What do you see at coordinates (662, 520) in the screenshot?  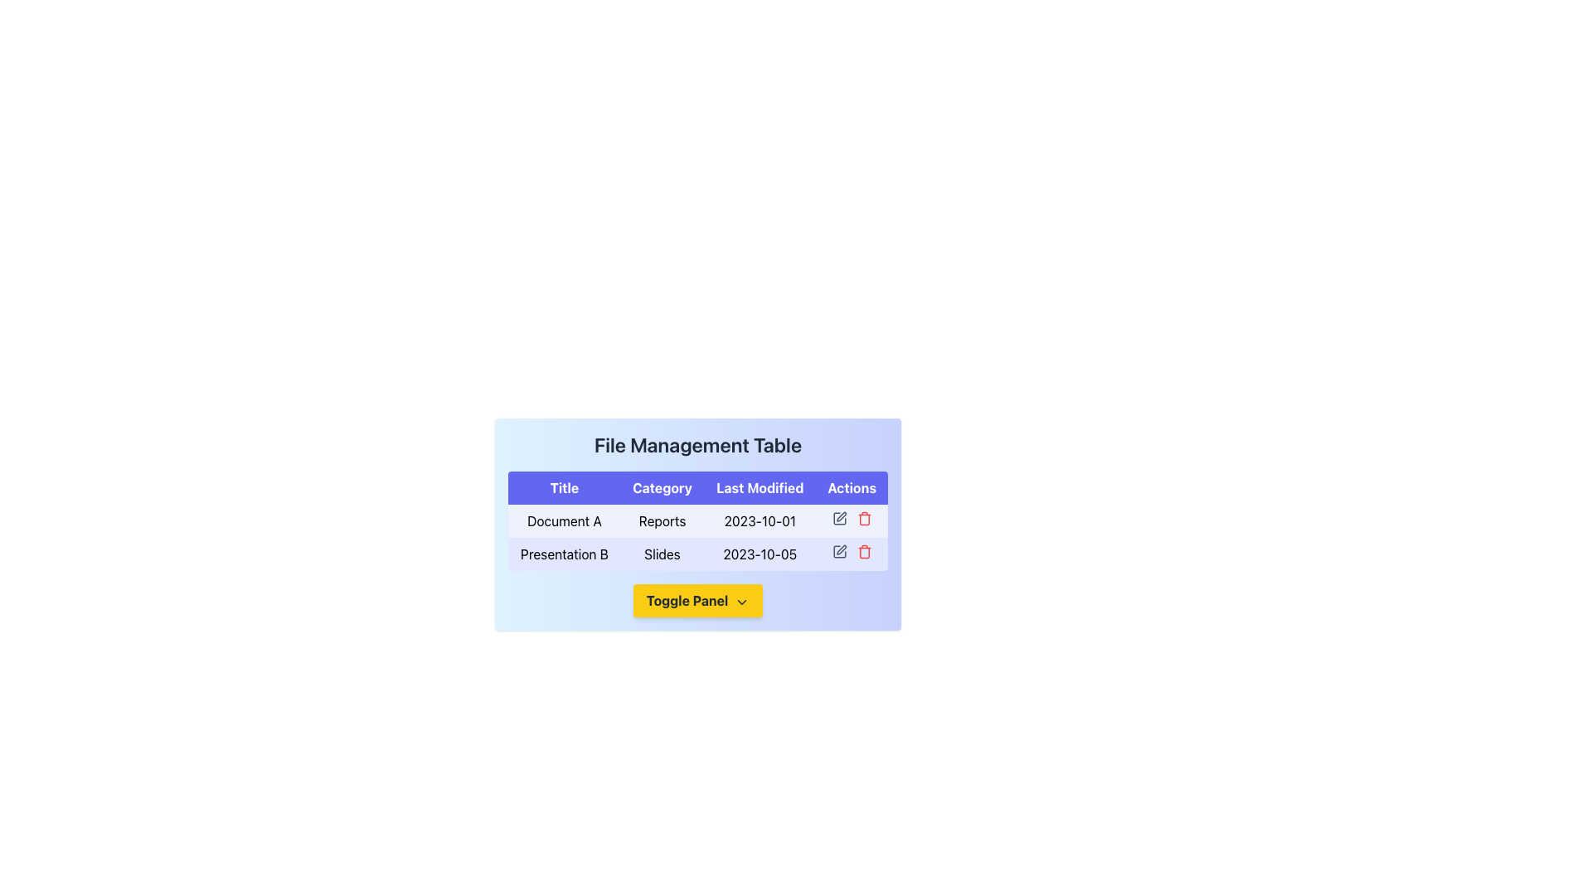 I see `the text label containing 'Reports' in the second cell of the 'Category' column for 'Document A' in the file management table` at bounding box center [662, 520].